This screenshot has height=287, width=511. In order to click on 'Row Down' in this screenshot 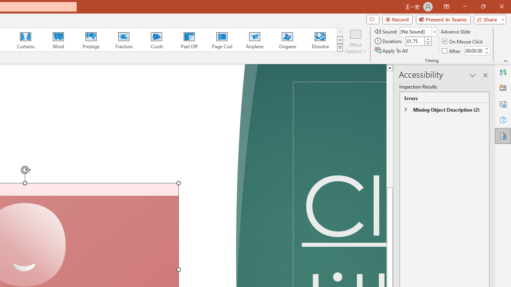, I will do `click(340, 40)`.